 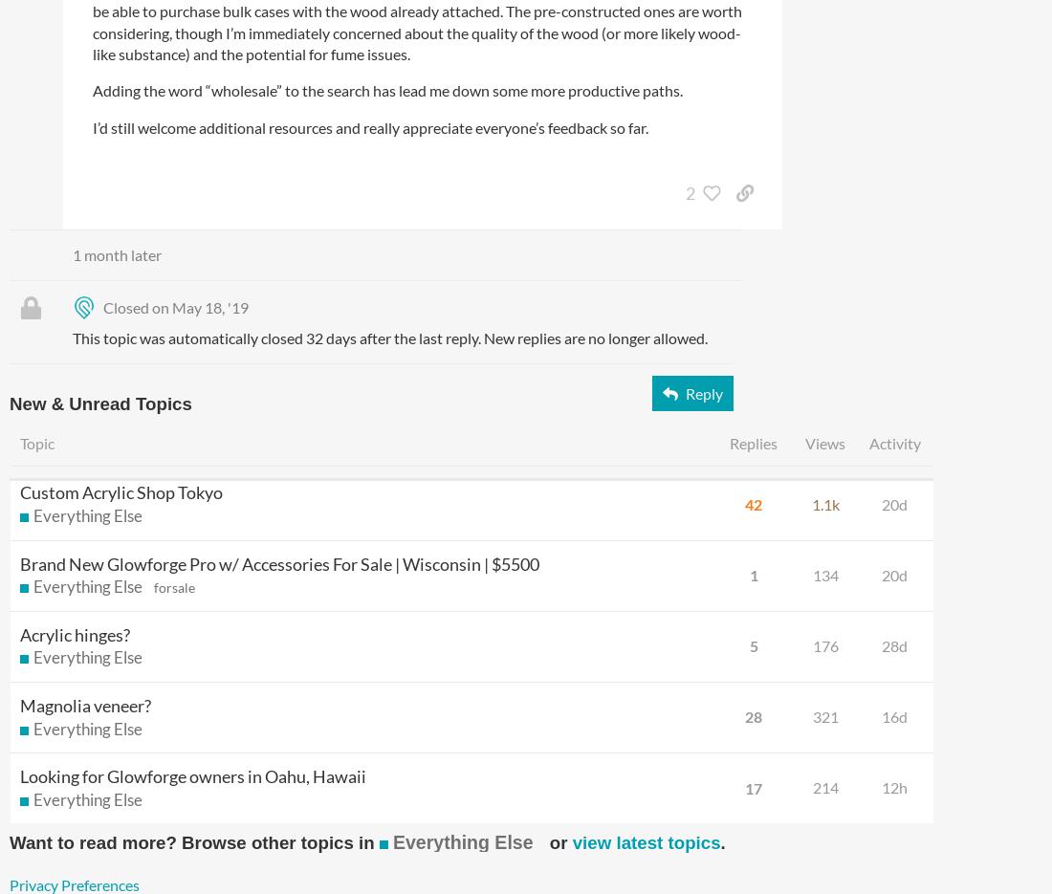 I want to click on 'on May 18, '19', so click(x=200, y=307).